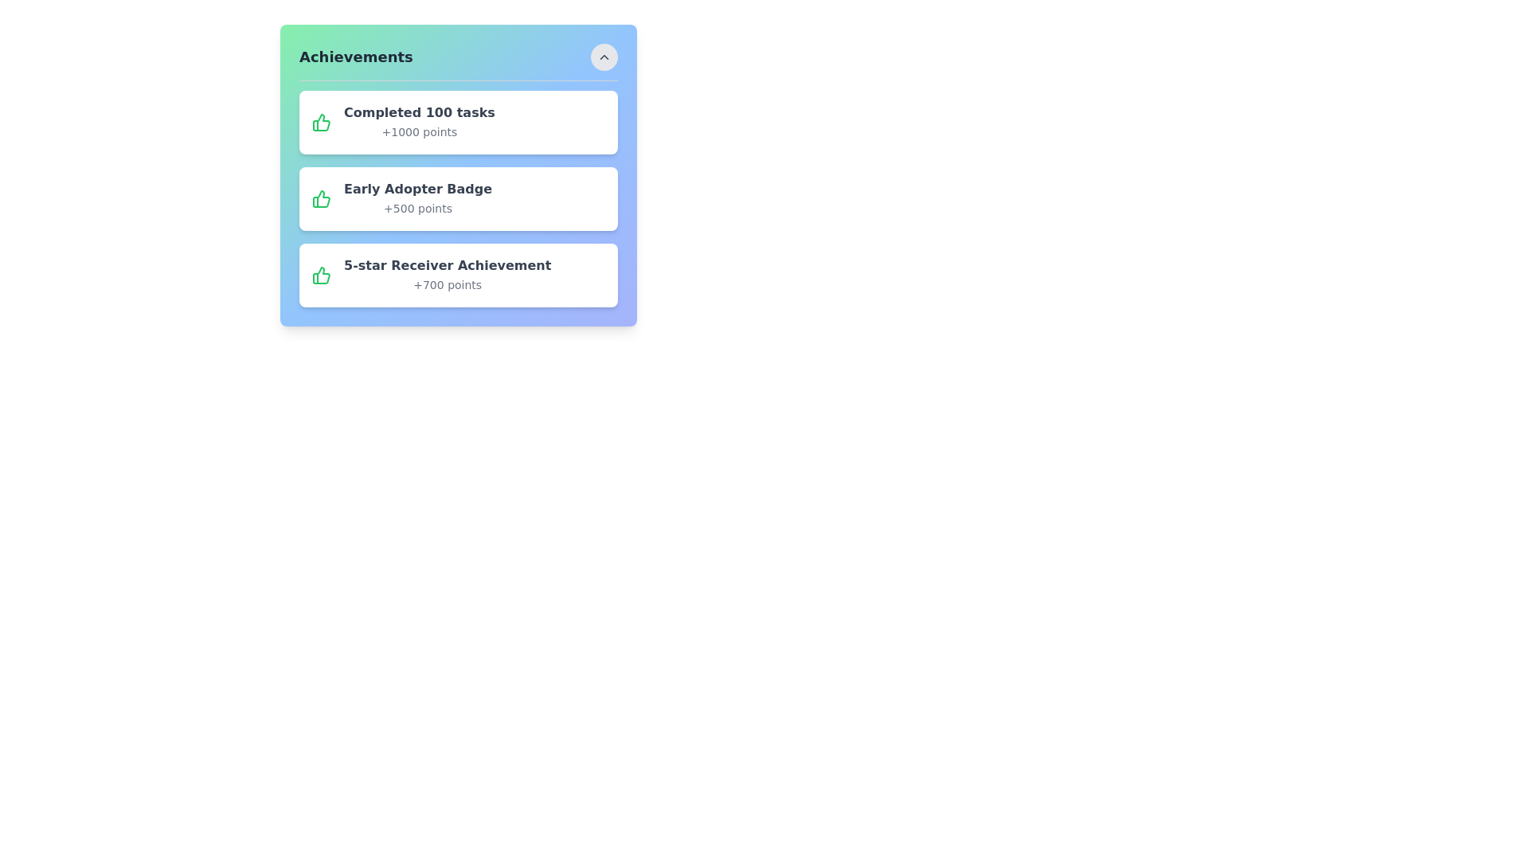 The height and width of the screenshot is (860, 1529). What do you see at coordinates (320, 122) in the screenshot?
I see `the thumbs-up icon with a green stroke next to the 'Early Adopter Badge' text in the vertical icon list` at bounding box center [320, 122].